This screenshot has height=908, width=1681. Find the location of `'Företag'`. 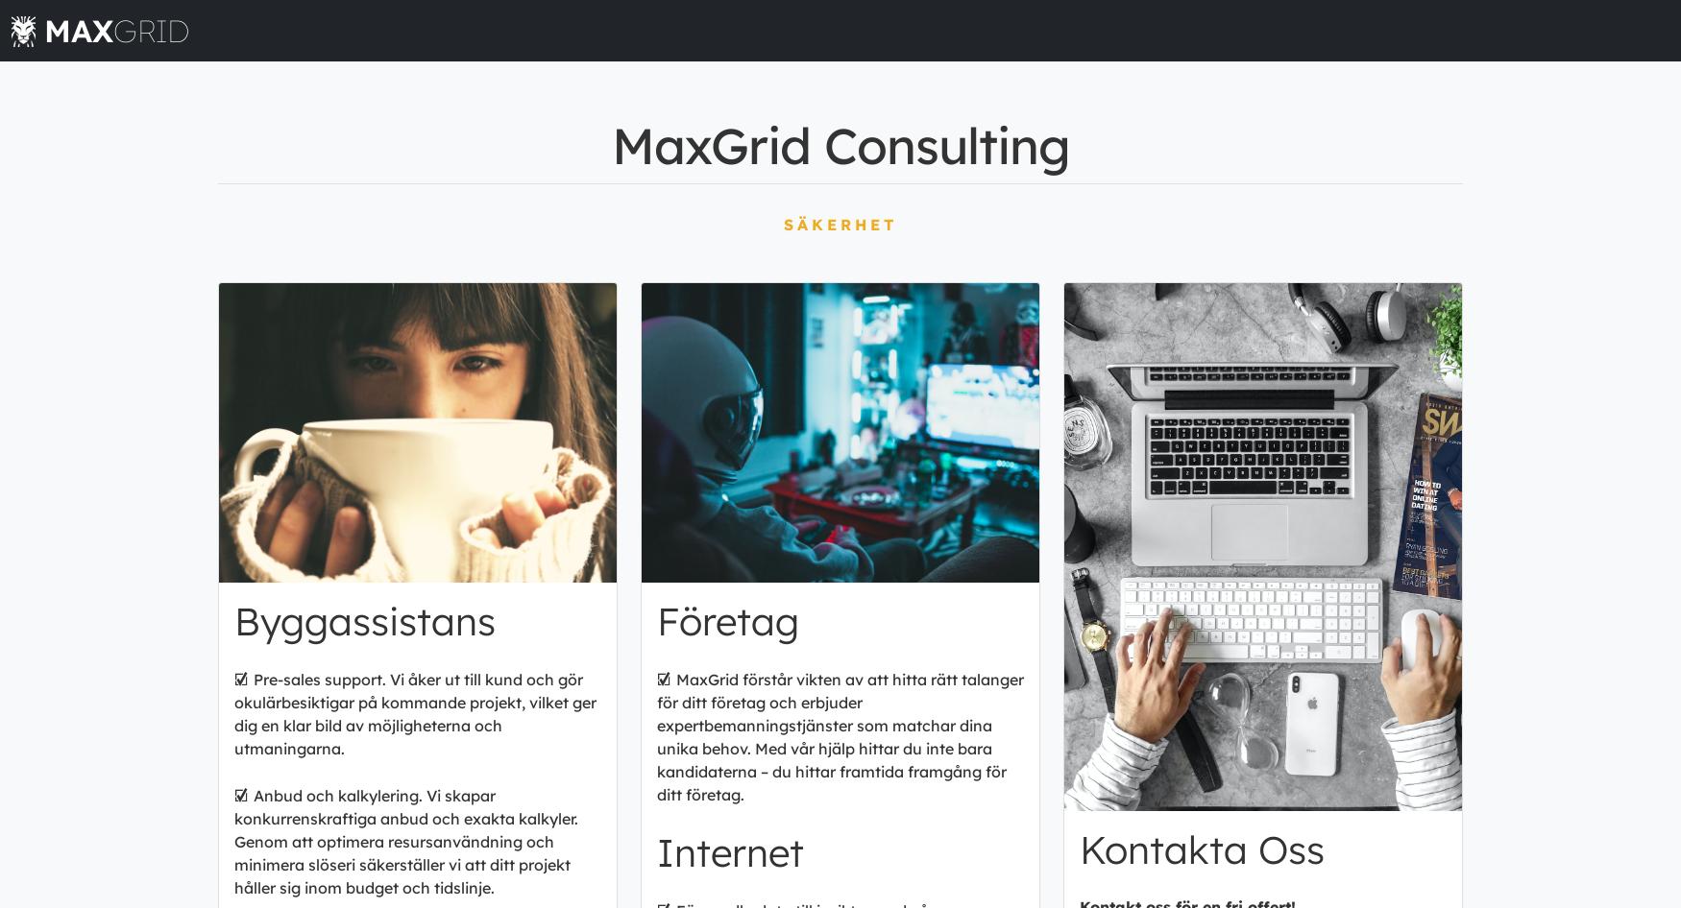

'Företag' is located at coordinates (726, 620).